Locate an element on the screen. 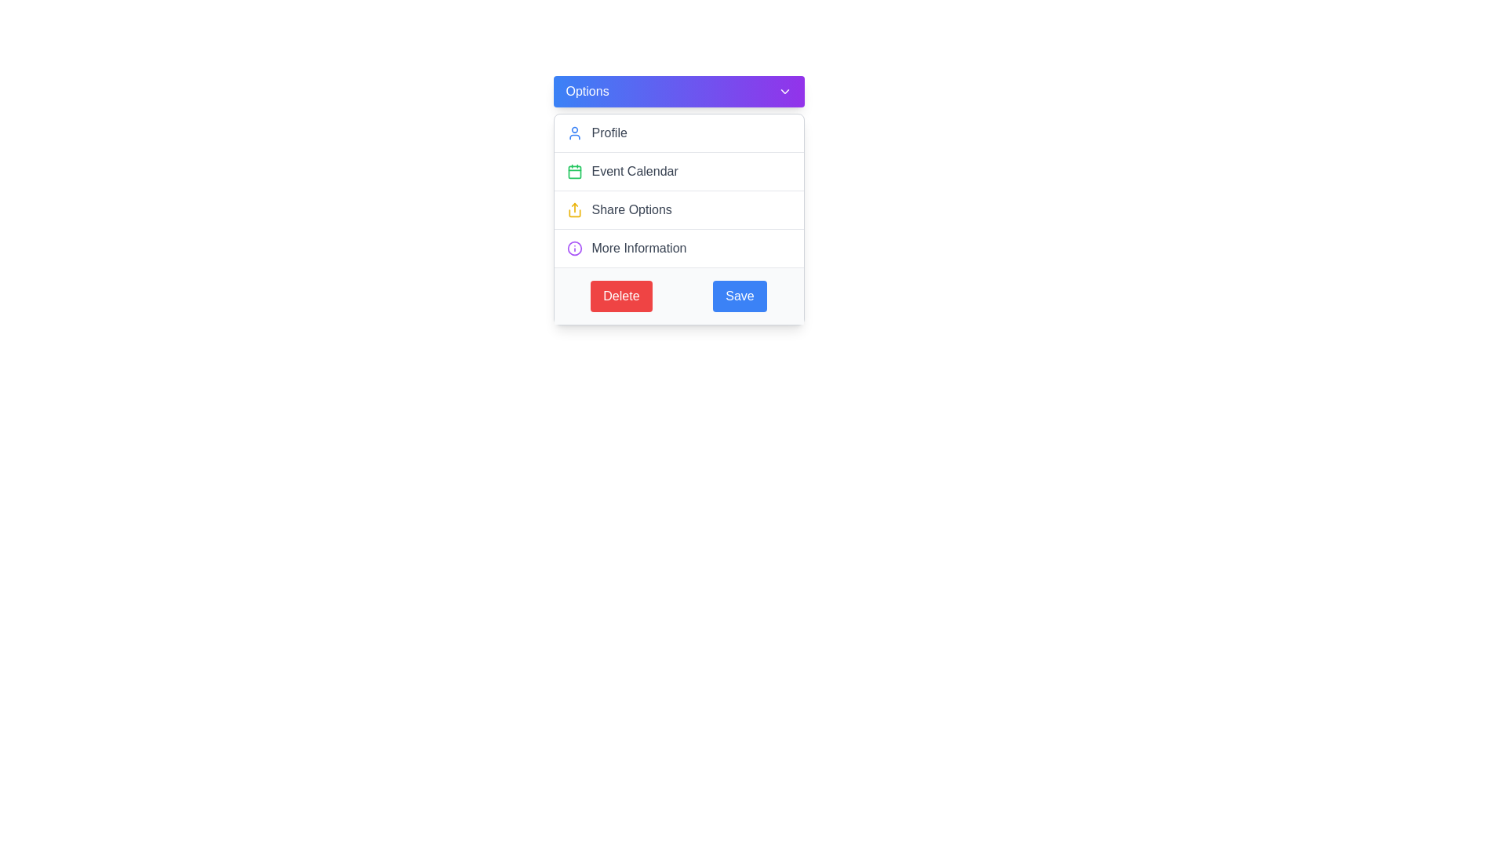 Image resolution: width=1506 pixels, height=847 pixels. the 'Profile' text label, which is styled in gray and positioned to the right of a blue user icon in the dropdown menu labeled 'Options' is located at coordinates (609, 132).